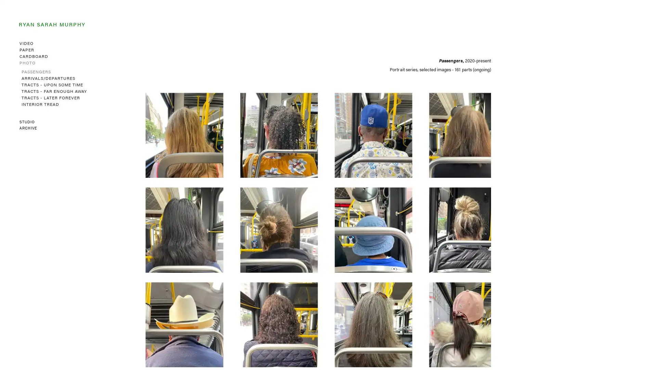 The width and height of the screenshot is (657, 370). What do you see at coordinates (448, 315) in the screenshot?
I see `View fullsize Passenger 150-.jpeg` at bounding box center [448, 315].